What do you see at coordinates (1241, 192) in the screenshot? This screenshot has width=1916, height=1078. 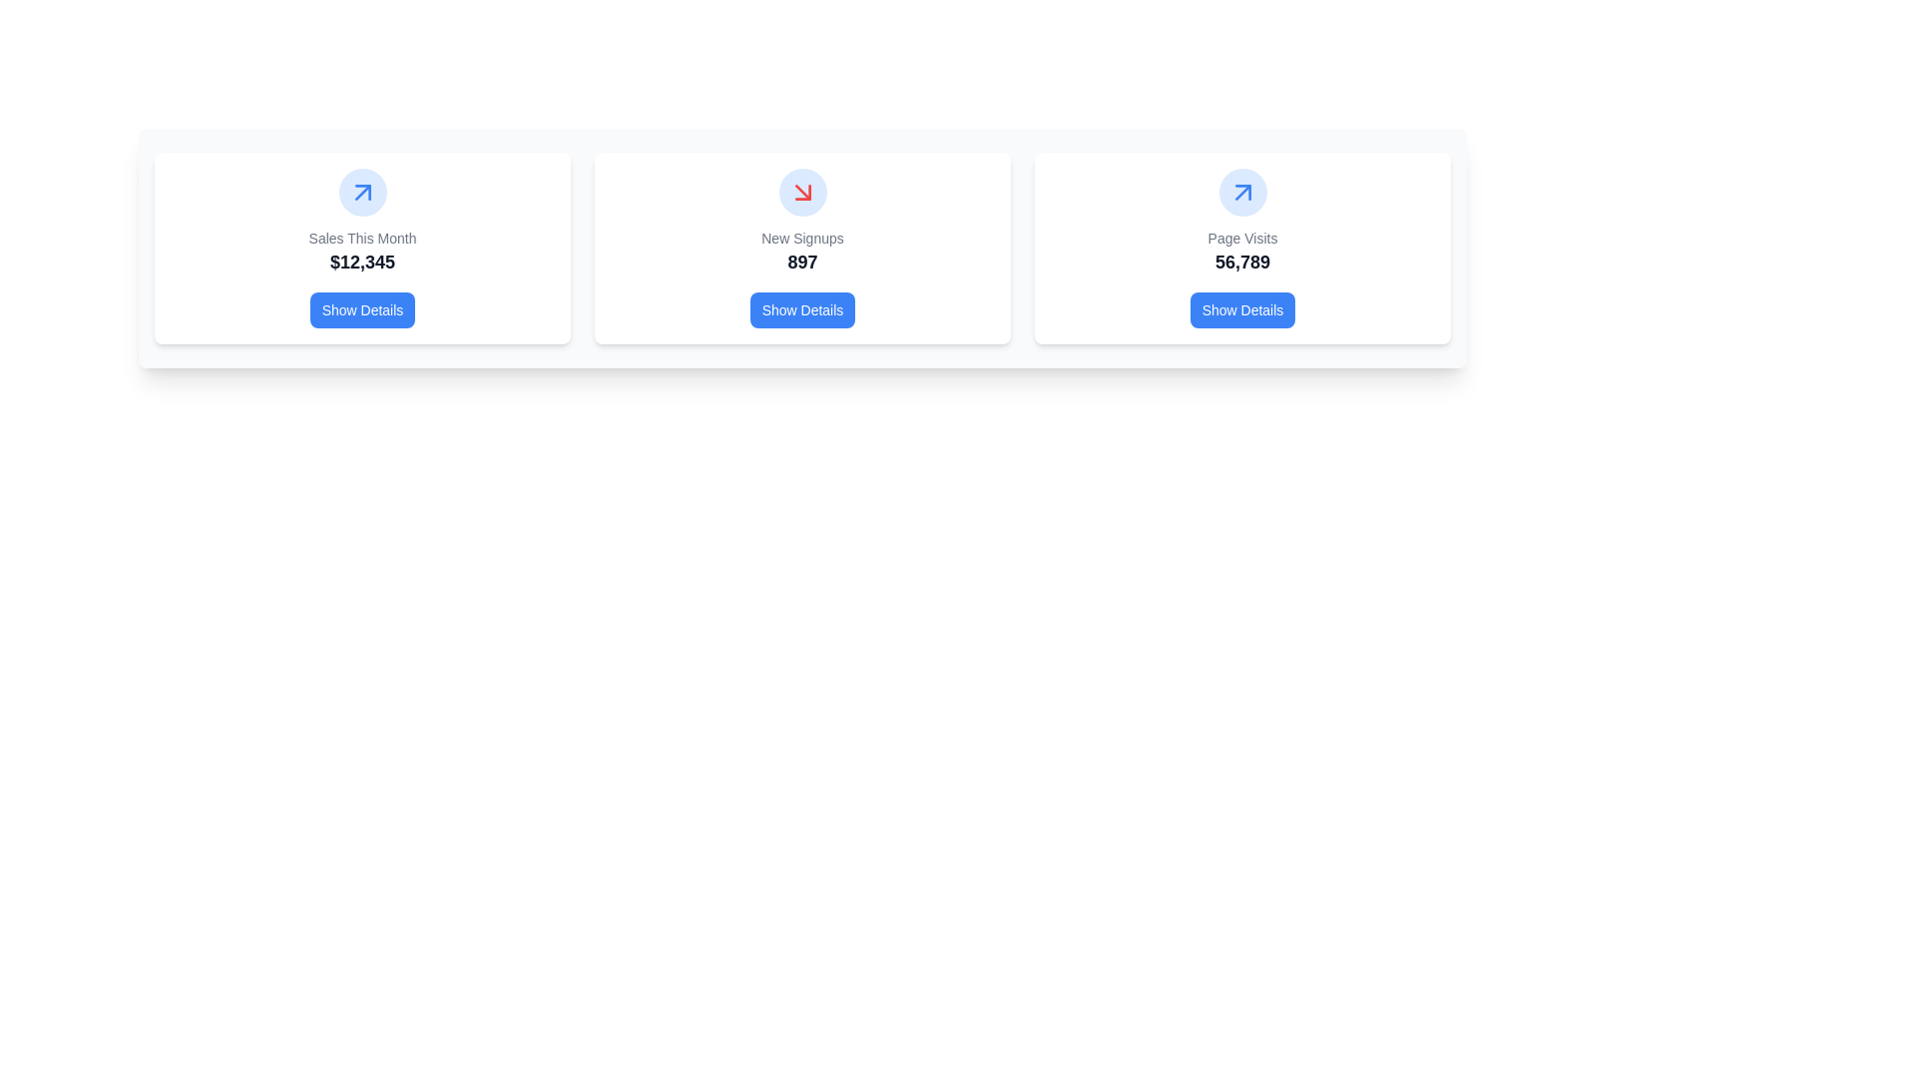 I see `the navigation icon located at the top of the 'Page Visits' card, which is within a circular blue background` at bounding box center [1241, 192].